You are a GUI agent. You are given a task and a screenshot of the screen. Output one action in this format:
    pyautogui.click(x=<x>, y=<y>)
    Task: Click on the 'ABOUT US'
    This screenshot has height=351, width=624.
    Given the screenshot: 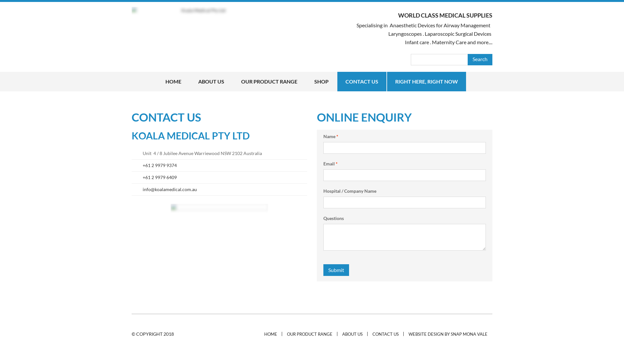 What is the action you would take?
    pyautogui.click(x=337, y=334)
    